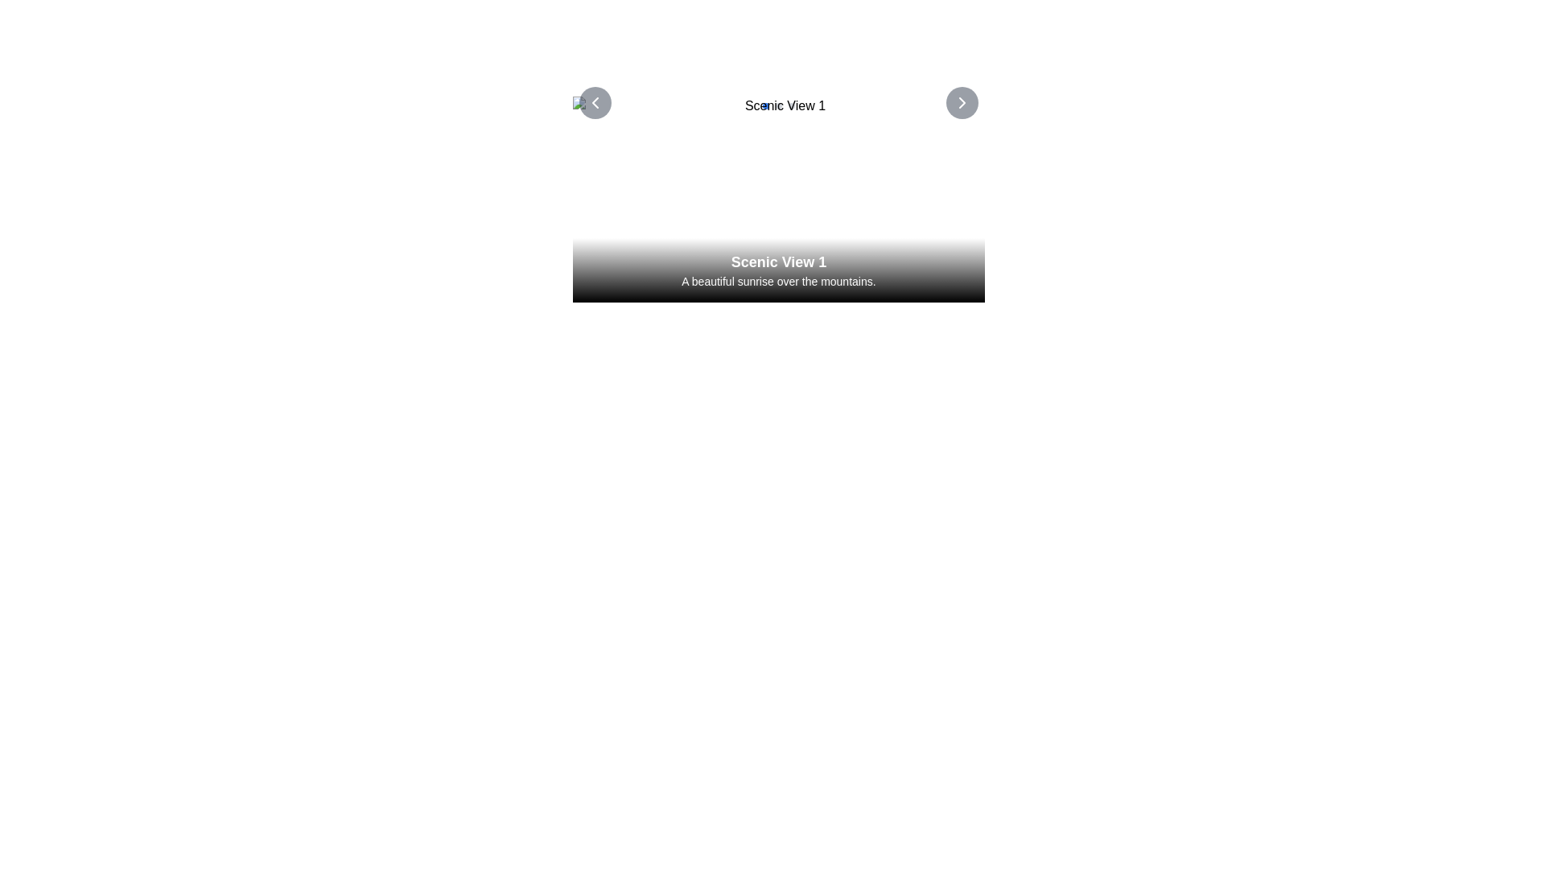  What do you see at coordinates (779, 198) in the screenshot?
I see `the image area of the rectangular content block displaying the scenic view titled 'Scenic View 1' with the subtitle 'A beautiful sunrise over the mountains.'` at bounding box center [779, 198].